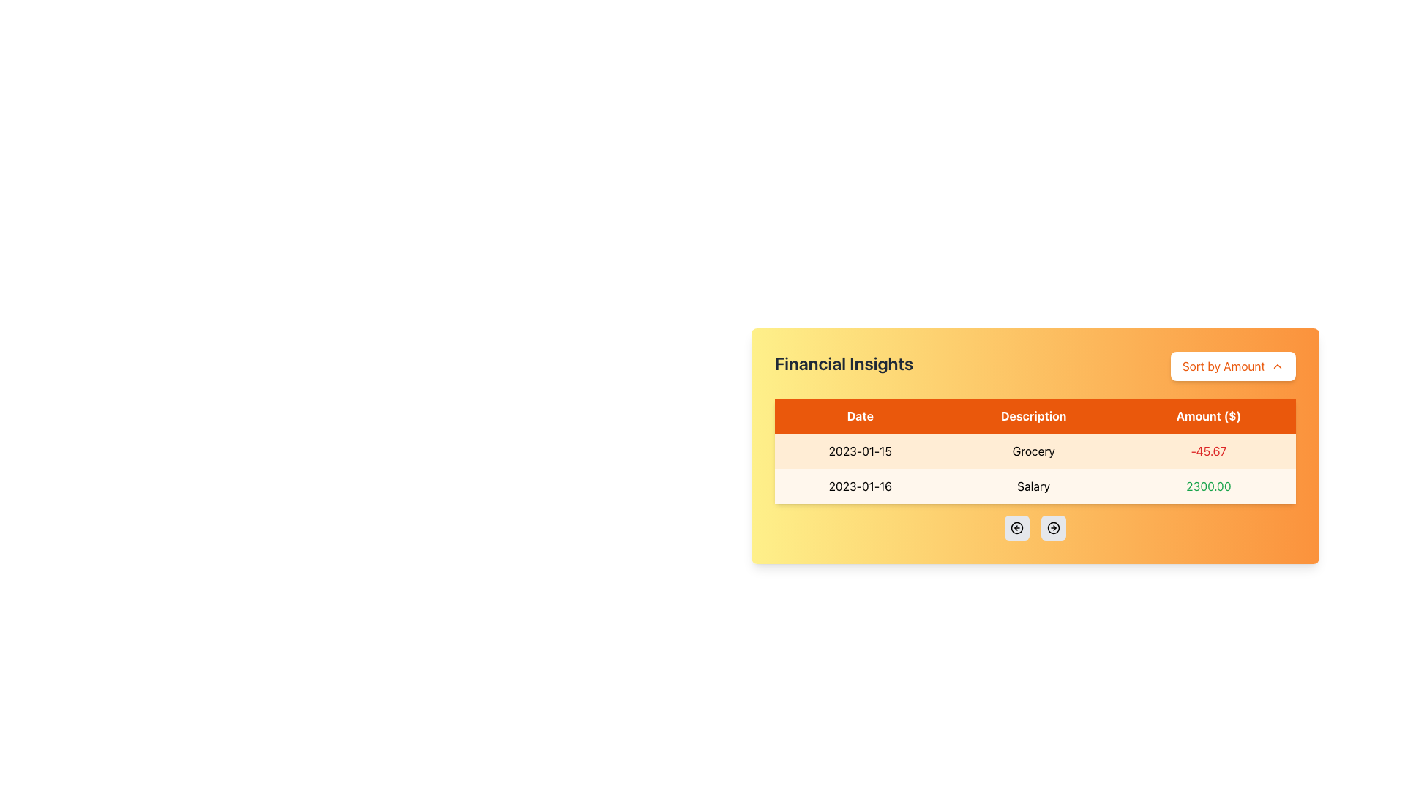 The height and width of the screenshot is (790, 1405). What do you see at coordinates (860, 451) in the screenshot?
I see `the date element displaying '2023-01-15' in the first row of the table under the 'Date' column` at bounding box center [860, 451].